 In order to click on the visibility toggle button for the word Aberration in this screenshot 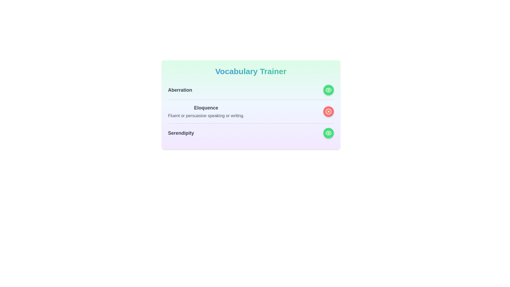, I will do `click(328, 90)`.